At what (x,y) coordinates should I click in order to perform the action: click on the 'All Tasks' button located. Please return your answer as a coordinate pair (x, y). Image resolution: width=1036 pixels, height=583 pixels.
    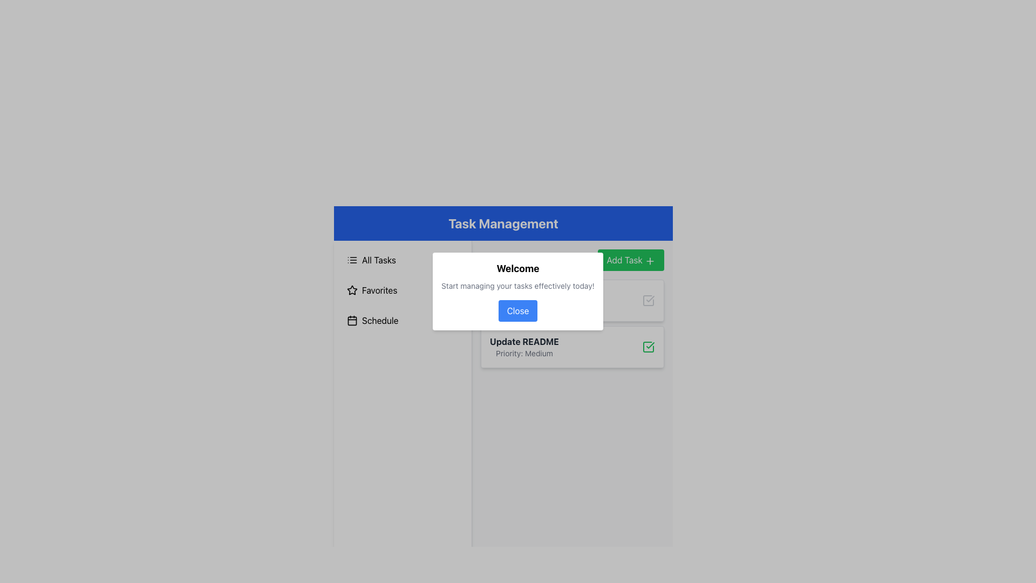
    Looking at the image, I should click on (371, 260).